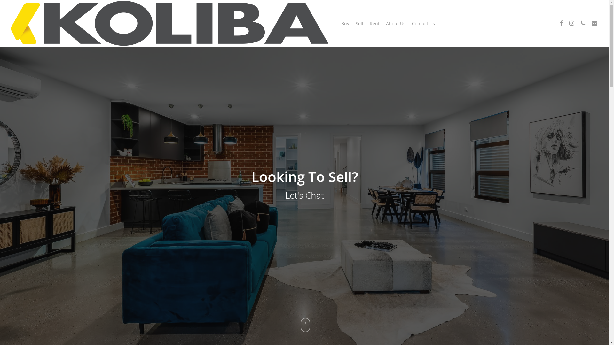  Describe the element at coordinates (395, 23) in the screenshot. I see `'About Us'` at that location.